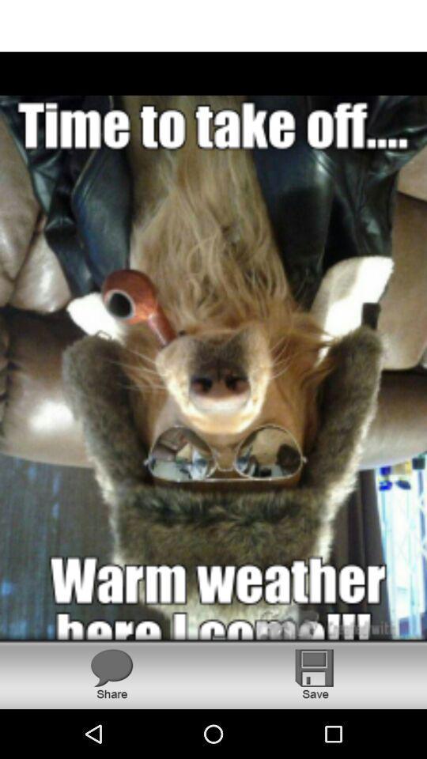  I want to click on the bookmark icon, so click(315, 673).